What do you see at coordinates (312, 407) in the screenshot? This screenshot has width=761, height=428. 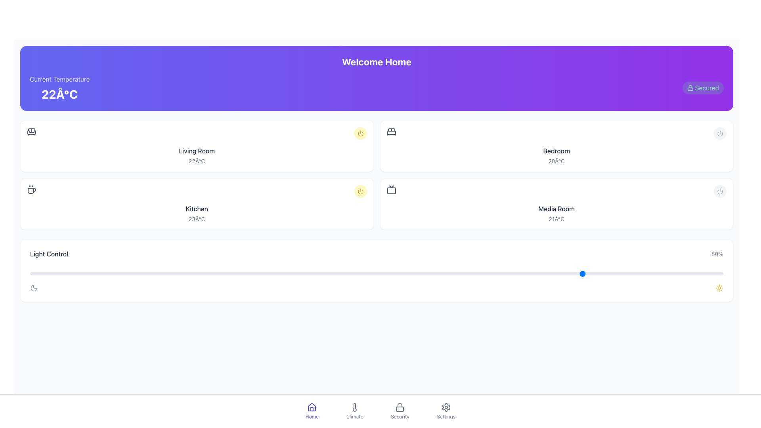 I see `the home icon, which is a graphical depiction of a house shape with a triangular roof and rectangular base, located in the bottom navigation bar` at bounding box center [312, 407].